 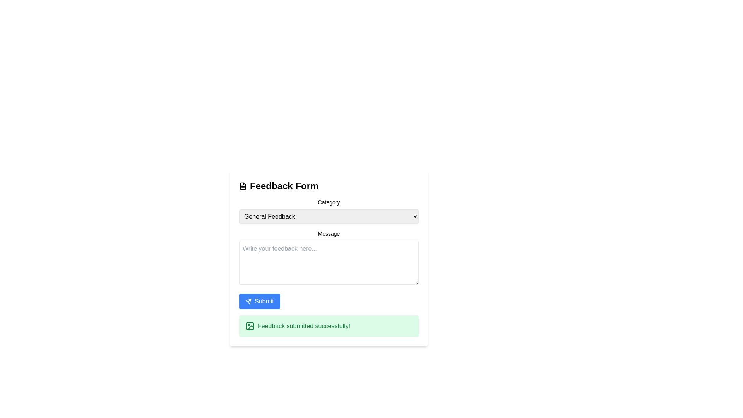 What do you see at coordinates (329, 202) in the screenshot?
I see `the Text label that provides context for the 'General Feedback' dropdown menu, located at the top of the feedback form` at bounding box center [329, 202].